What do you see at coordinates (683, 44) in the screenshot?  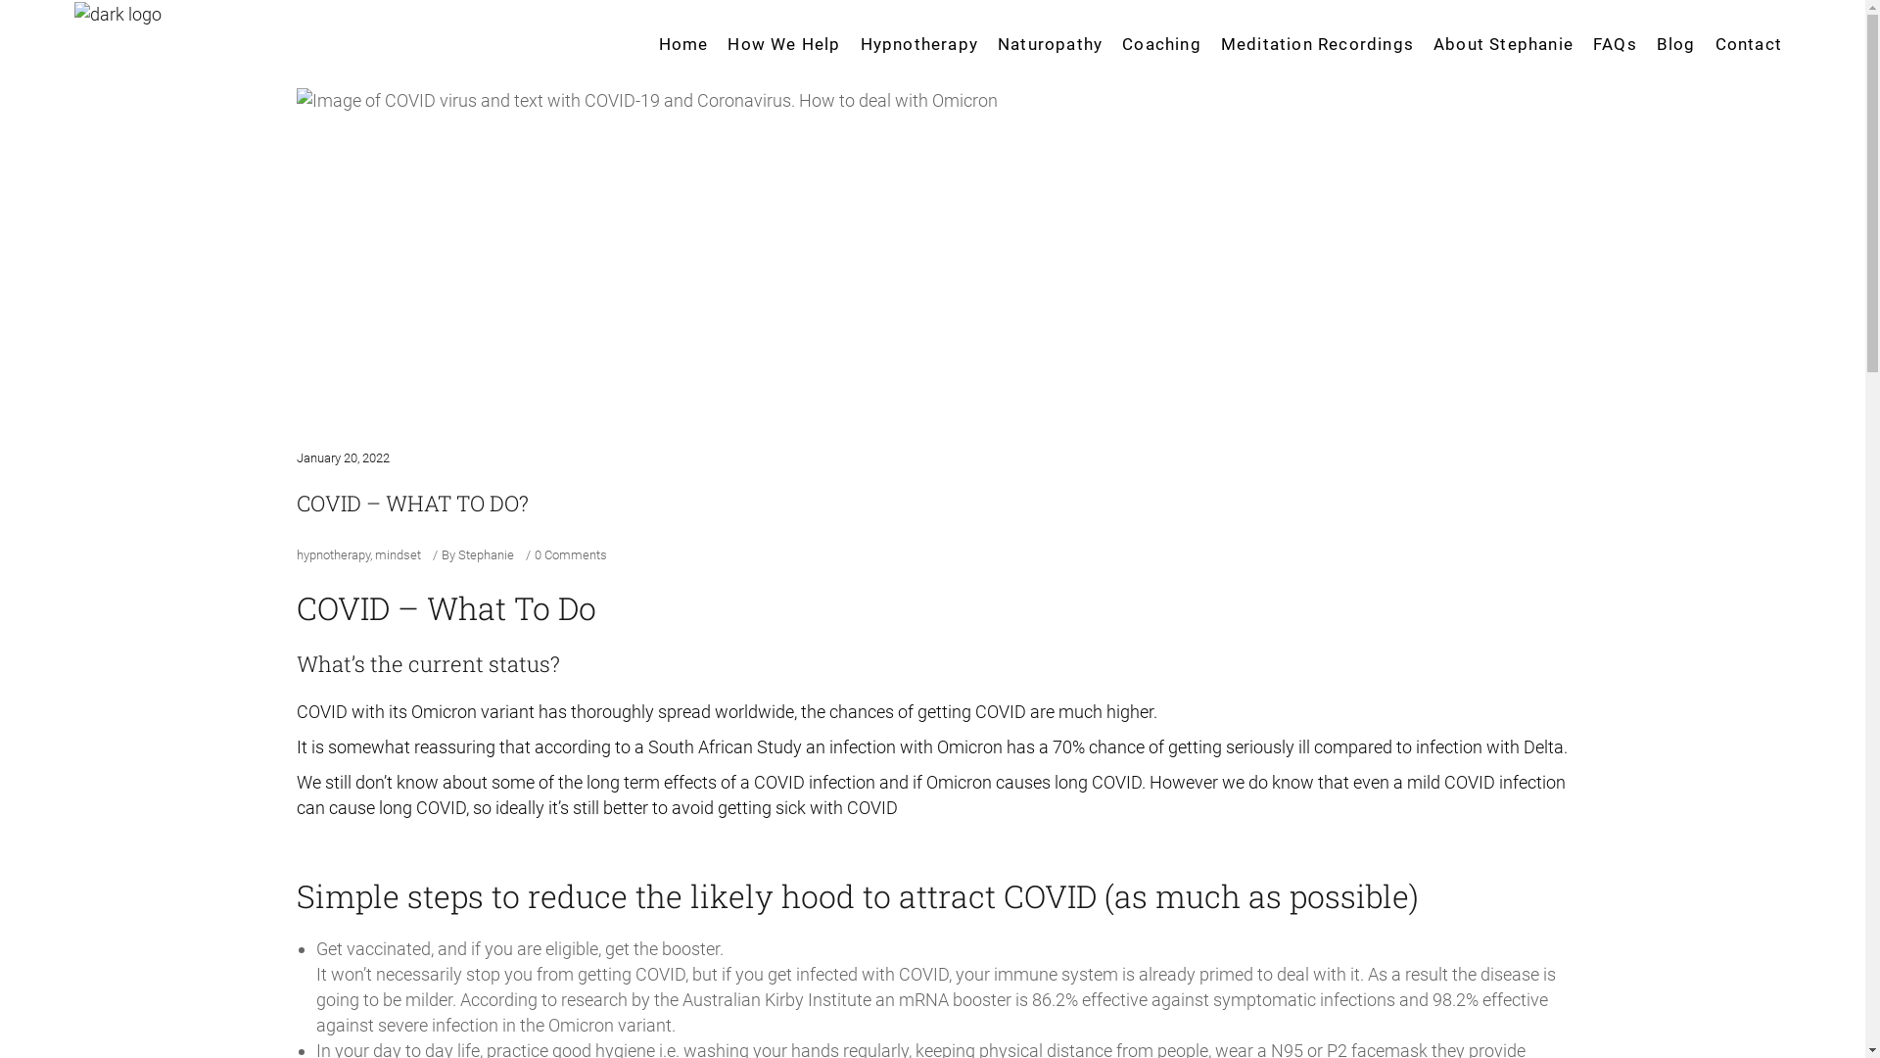 I see `'Home'` at bounding box center [683, 44].